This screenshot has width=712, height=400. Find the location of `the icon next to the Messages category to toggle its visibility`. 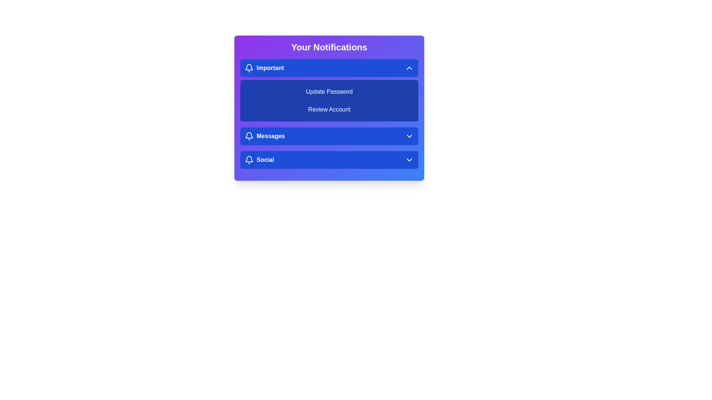

the icon next to the Messages category to toggle its visibility is located at coordinates (249, 136).